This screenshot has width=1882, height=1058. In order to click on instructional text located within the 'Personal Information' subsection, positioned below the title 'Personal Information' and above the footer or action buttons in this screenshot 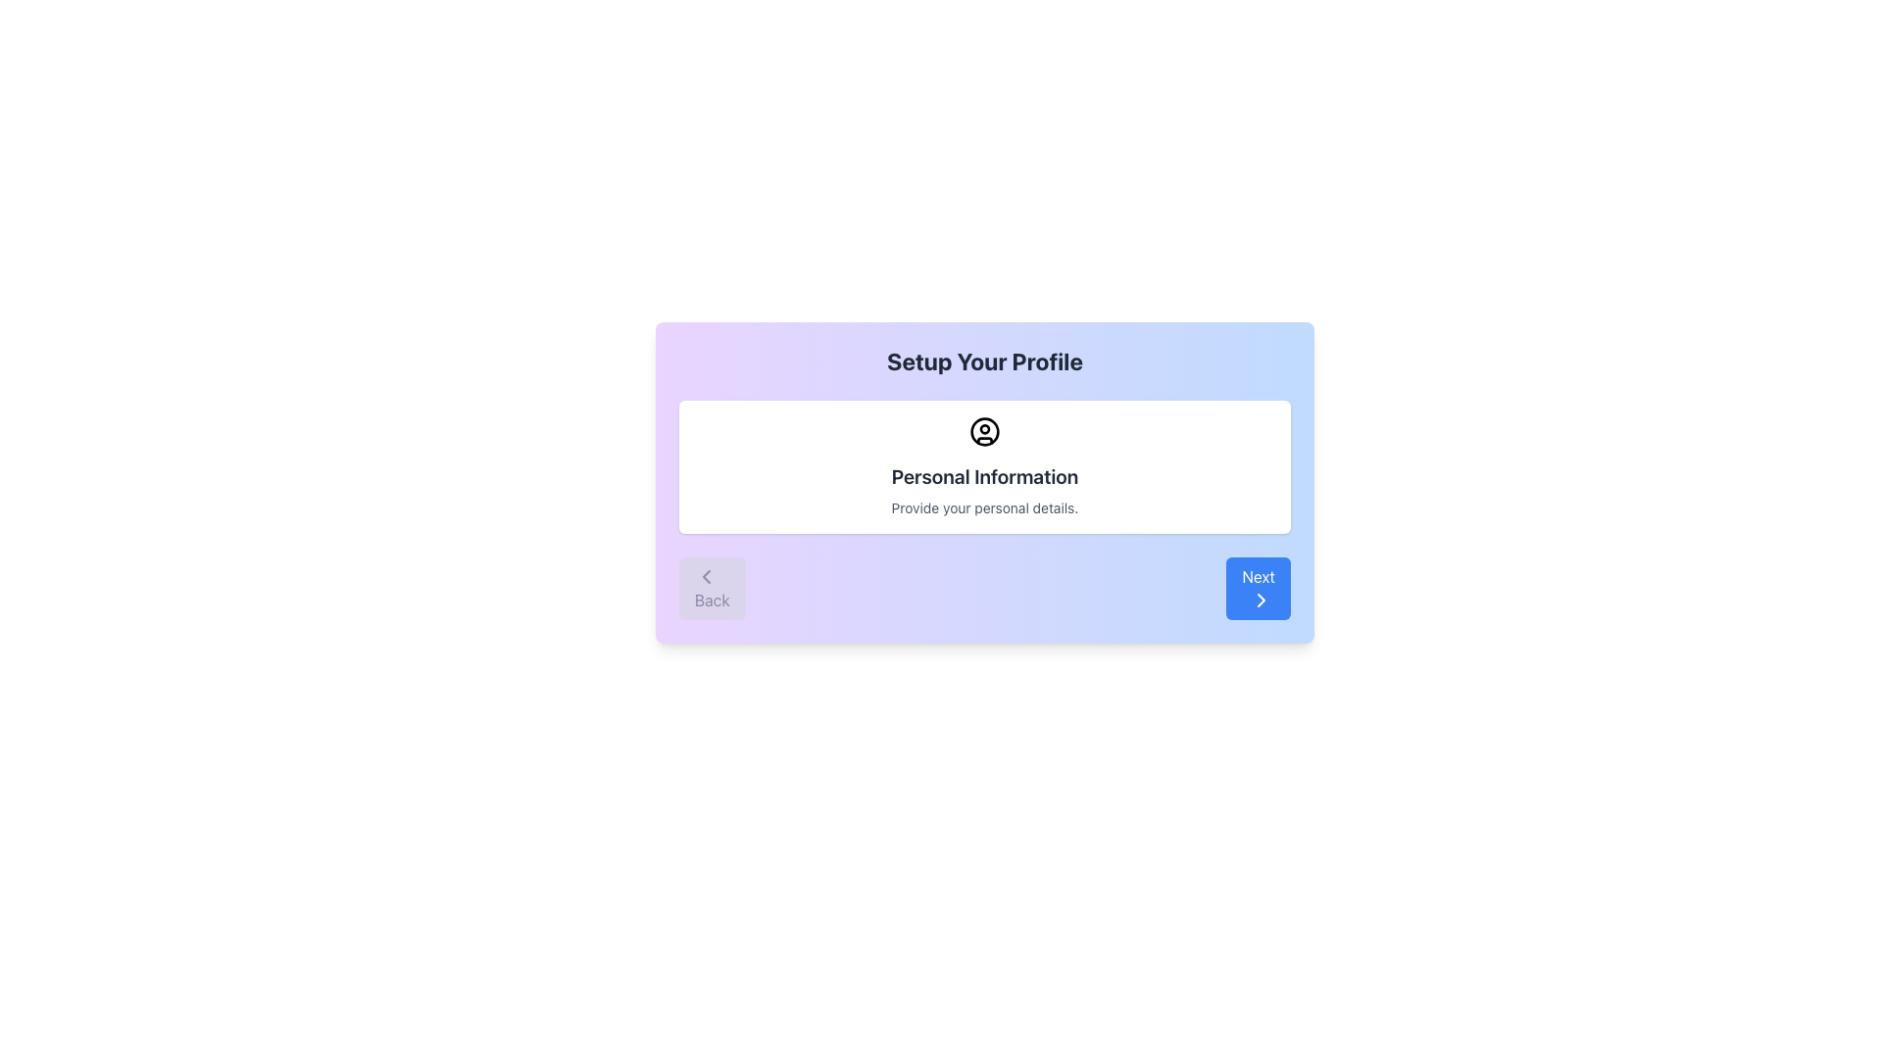, I will do `click(984, 507)`.